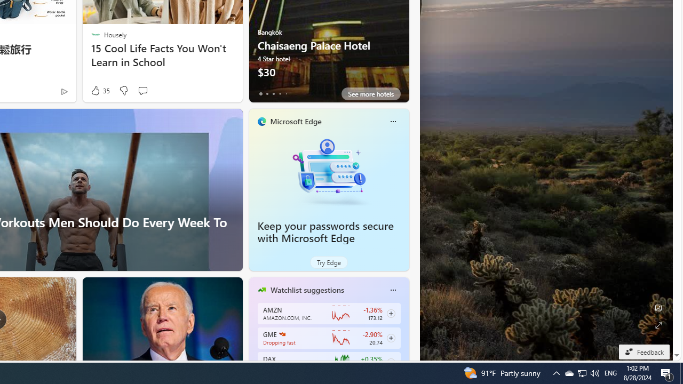 The width and height of the screenshot is (683, 384). I want to click on 'tab-3', so click(280, 93).